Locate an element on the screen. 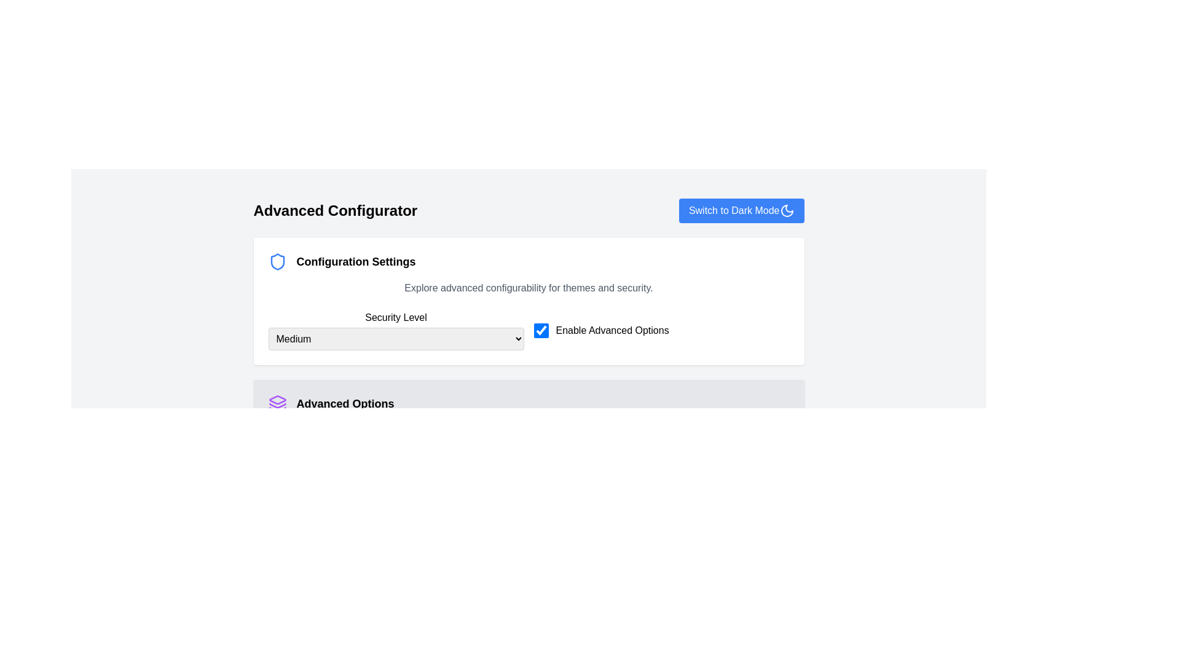 This screenshot has width=1180, height=664. the shield icon representing security in the 'Configuration Settings' section header, located before the text 'Configuration Settings' is located at coordinates (277, 261).